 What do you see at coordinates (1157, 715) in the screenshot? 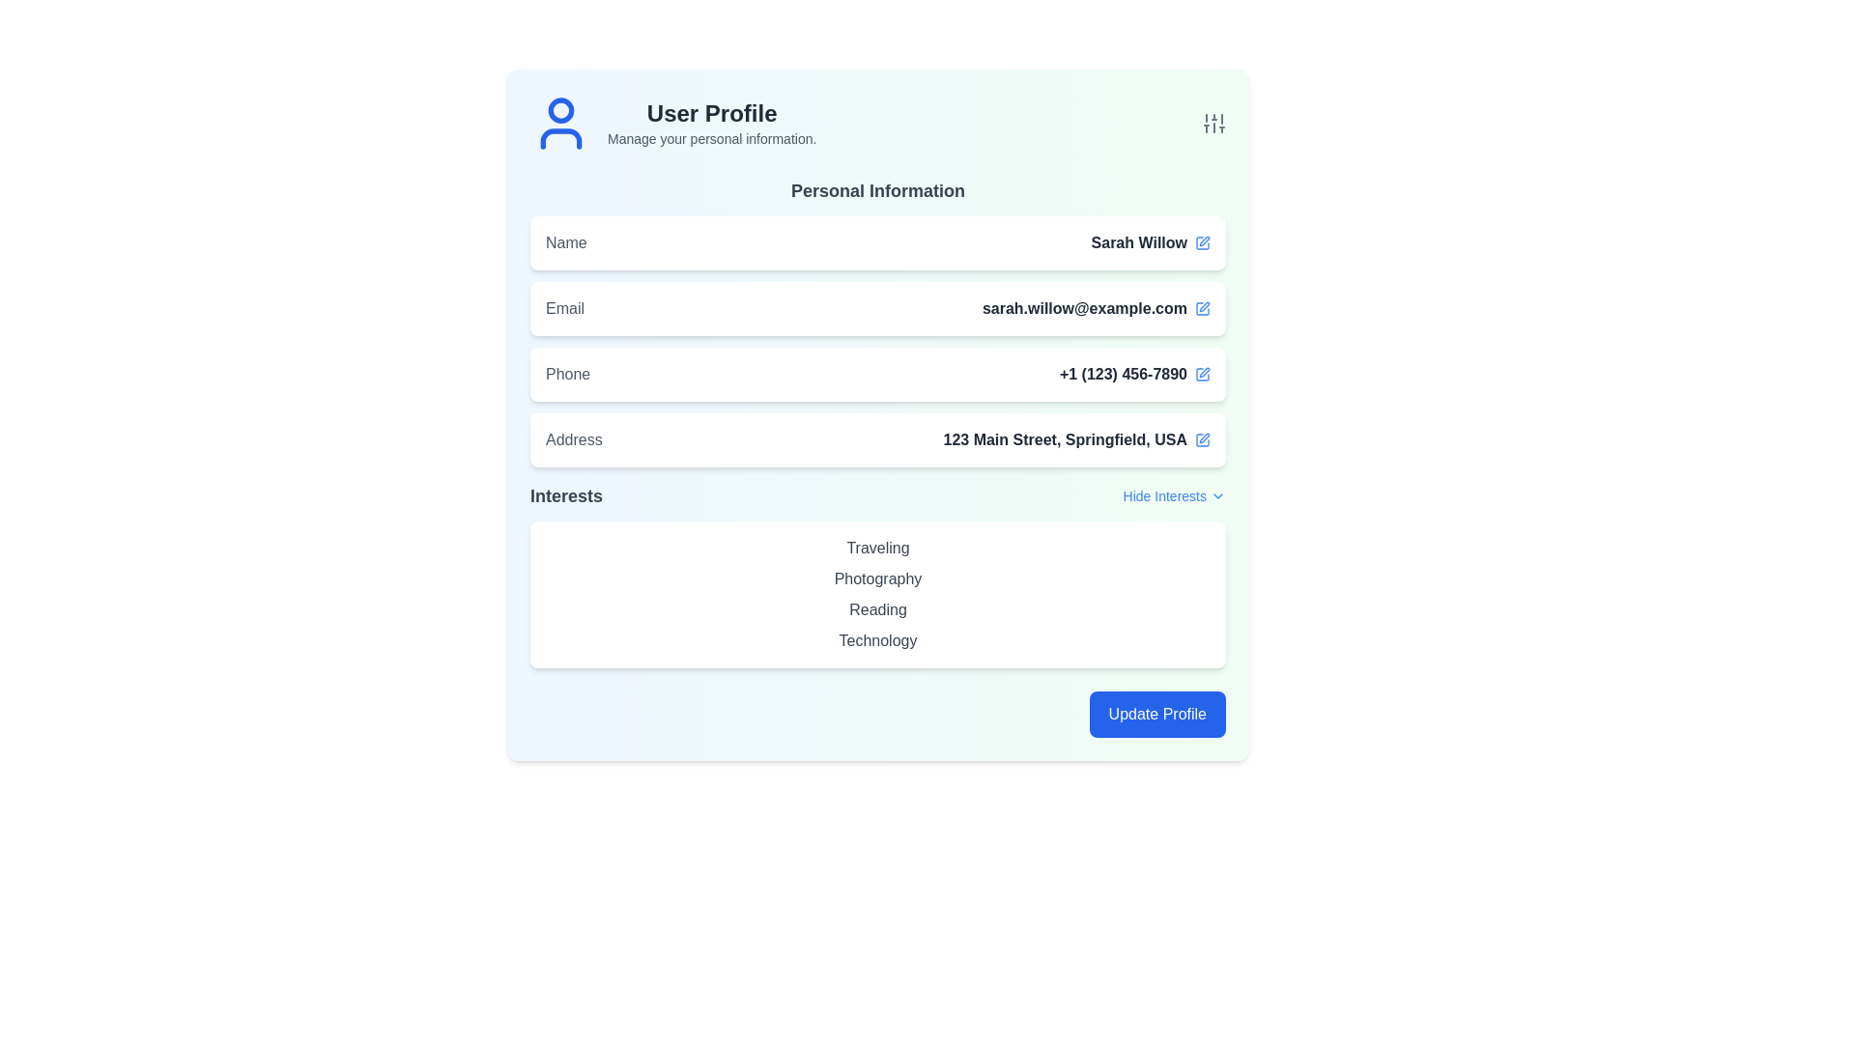
I see `the prominent blue 'Update Profile' button with white text located in the bottom-right section of the user profile interface` at bounding box center [1157, 715].